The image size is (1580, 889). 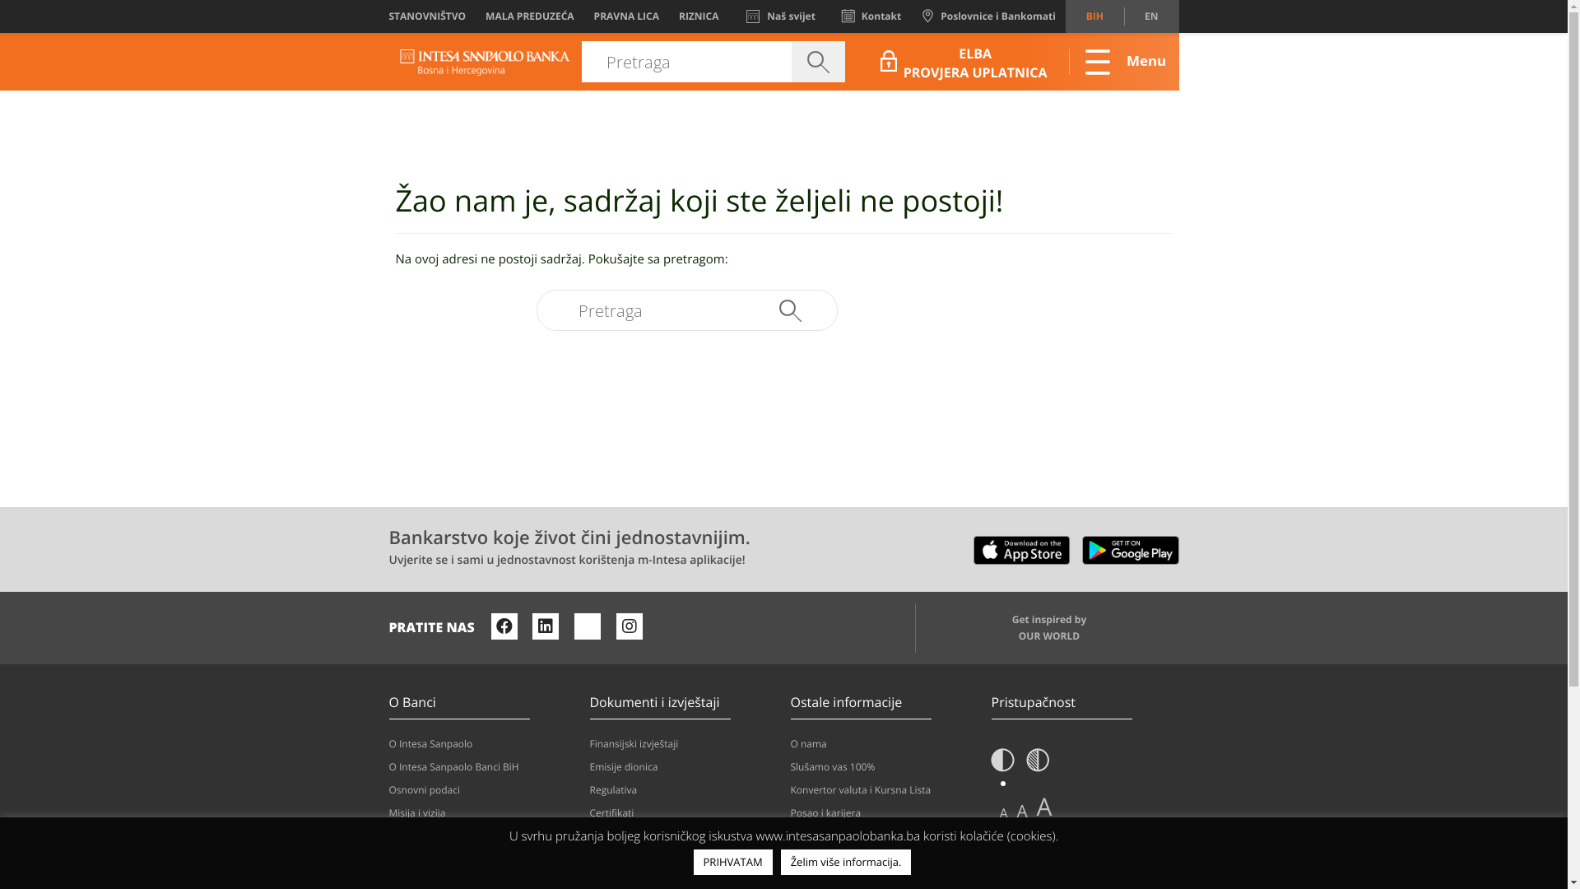 What do you see at coordinates (504, 626) in the screenshot?
I see `'fa-facebook'` at bounding box center [504, 626].